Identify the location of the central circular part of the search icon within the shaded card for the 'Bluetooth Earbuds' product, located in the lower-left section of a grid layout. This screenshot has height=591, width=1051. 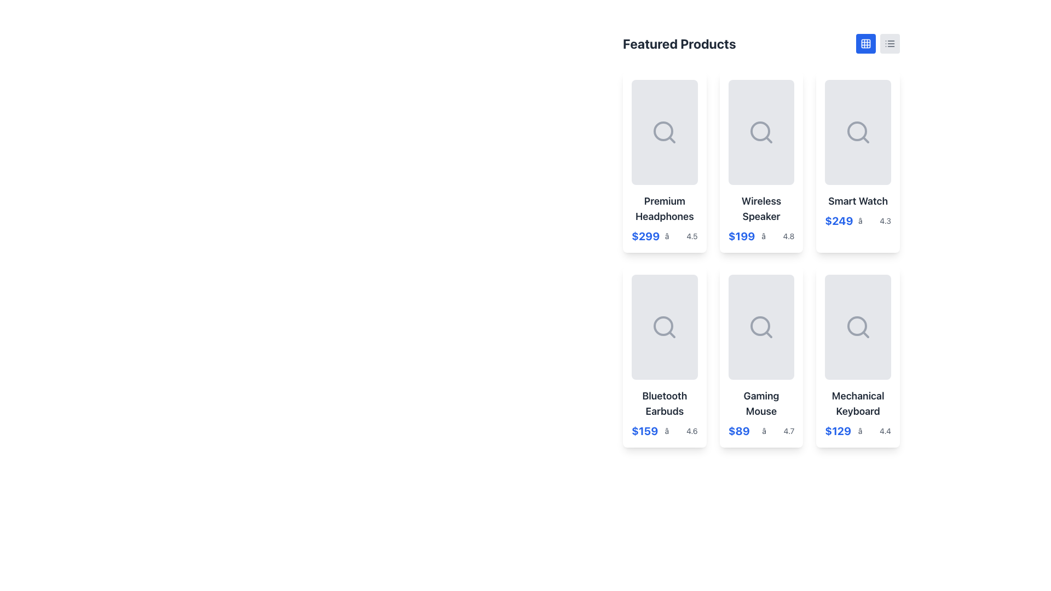
(663, 326).